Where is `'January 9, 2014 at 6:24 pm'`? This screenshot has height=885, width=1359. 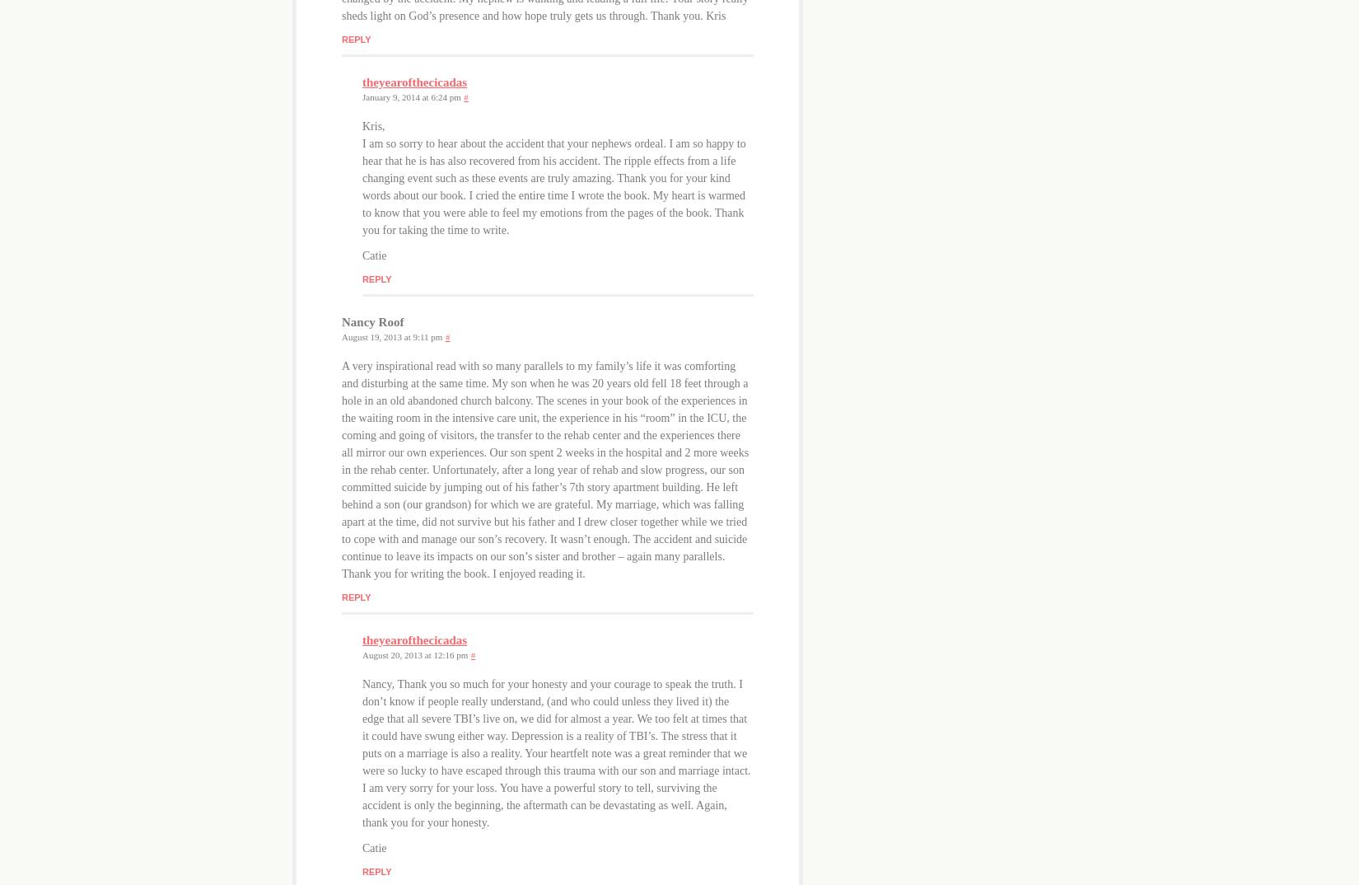 'January 9, 2014 at 6:24 pm' is located at coordinates (410, 95).